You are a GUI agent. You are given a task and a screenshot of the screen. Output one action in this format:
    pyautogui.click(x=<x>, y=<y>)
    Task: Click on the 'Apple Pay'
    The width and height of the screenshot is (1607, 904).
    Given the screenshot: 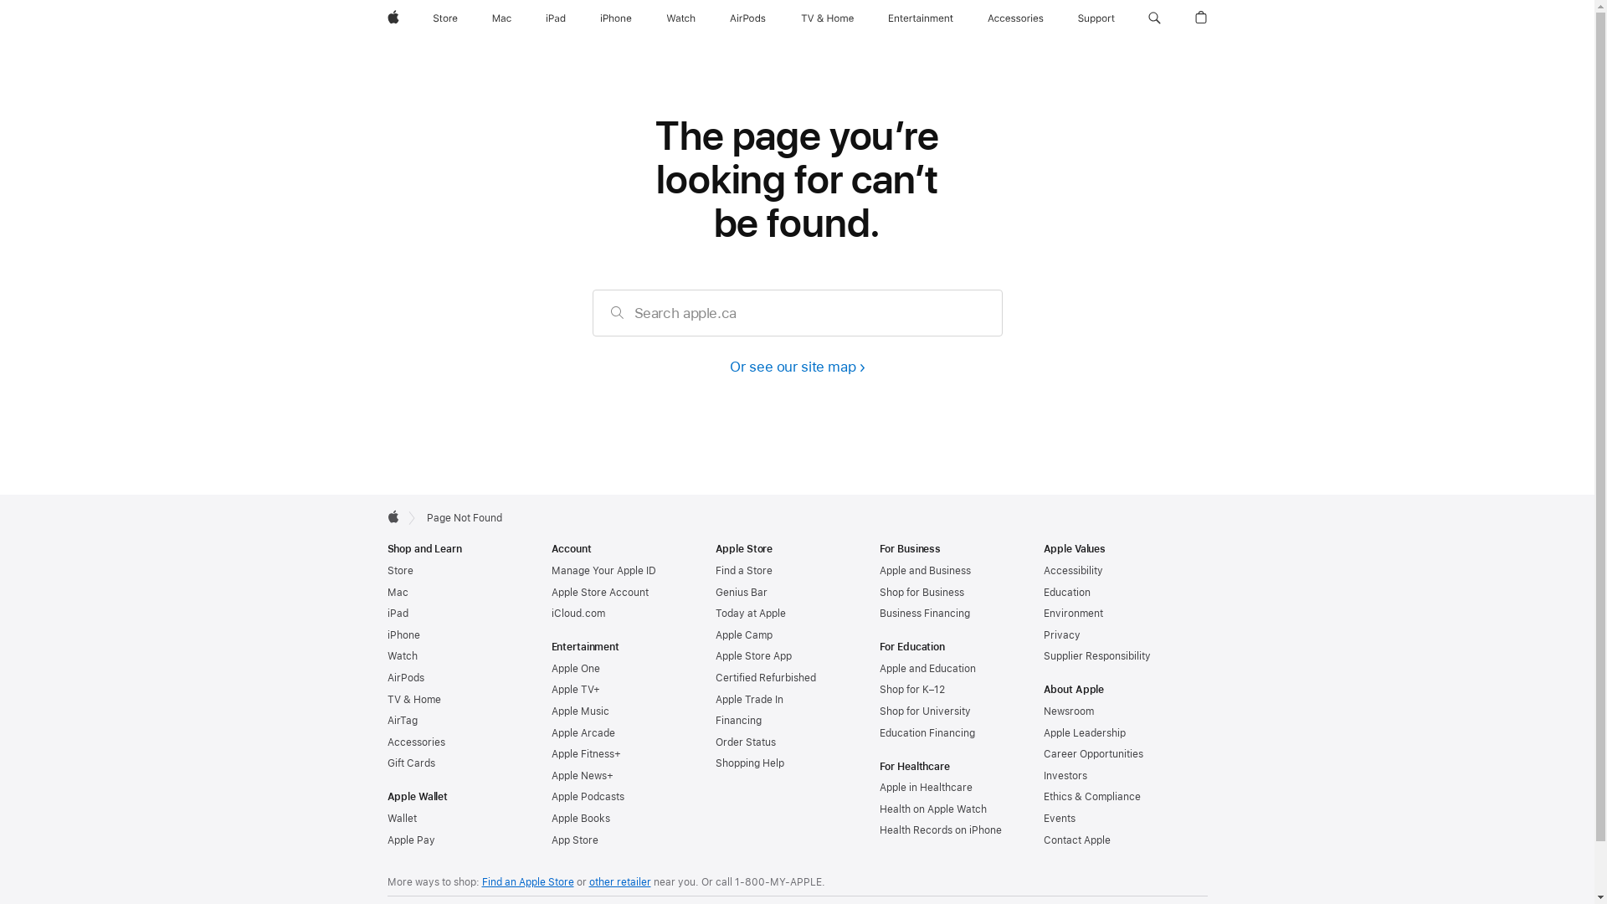 What is the action you would take?
    pyautogui.click(x=410, y=840)
    